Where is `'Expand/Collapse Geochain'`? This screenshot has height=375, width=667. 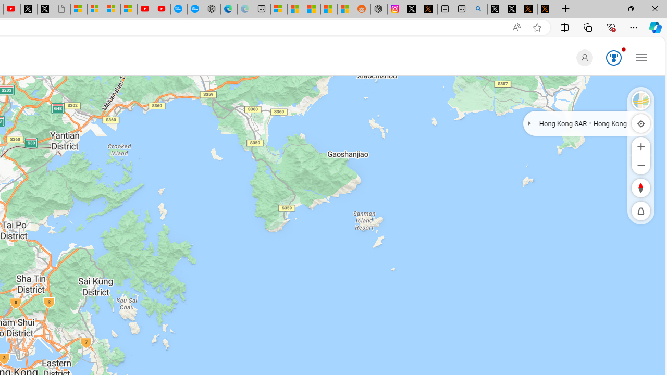
'Expand/Collapse Geochain' is located at coordinates (529, 122).